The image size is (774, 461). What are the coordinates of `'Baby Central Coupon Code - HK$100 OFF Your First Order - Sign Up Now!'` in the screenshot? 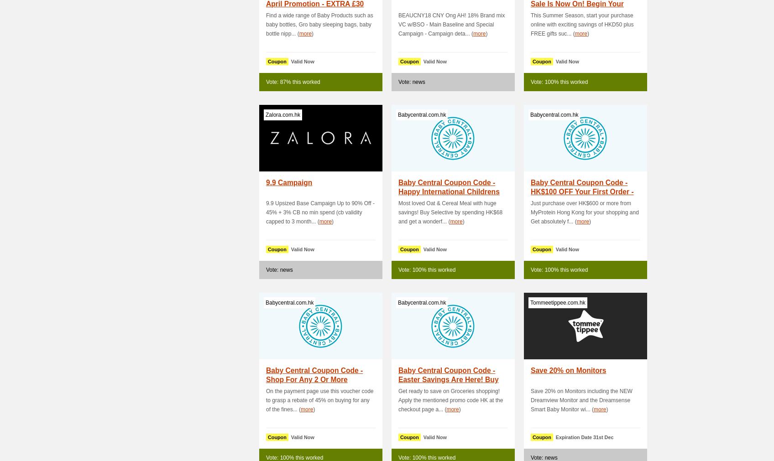 It's located at (582, 191).